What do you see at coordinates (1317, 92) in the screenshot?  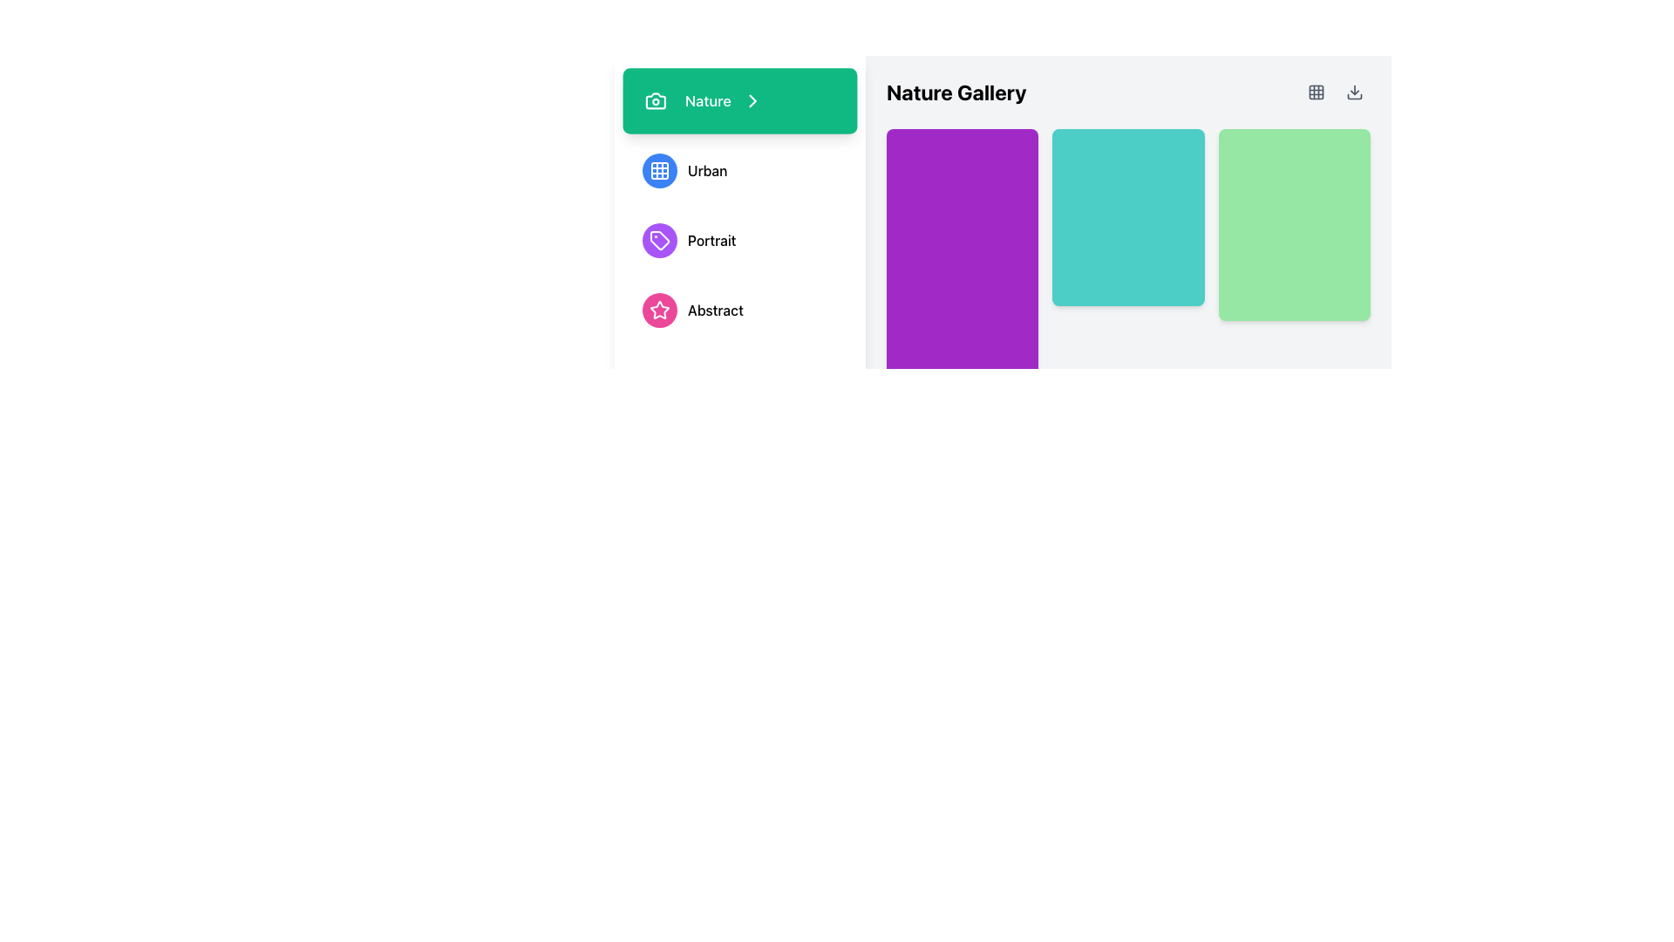 I see `the icon button located near the top-right corner of the interface, to the left of the download icon` at bounding box center [1317, 92].